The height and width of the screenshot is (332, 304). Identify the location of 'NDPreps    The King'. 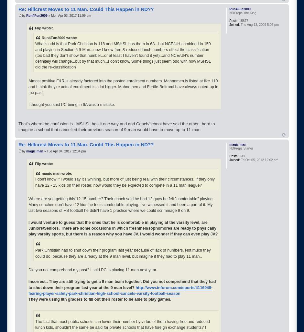
(242, 13).